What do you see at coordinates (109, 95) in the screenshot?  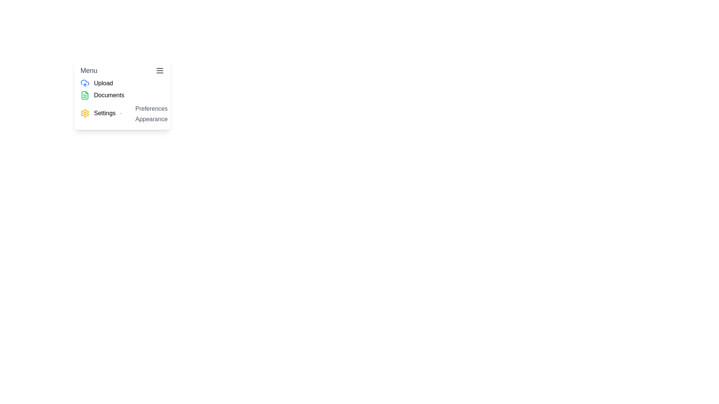 I see `the 'Documents' text label in the vertical menu` at bounding box center [109, 95].